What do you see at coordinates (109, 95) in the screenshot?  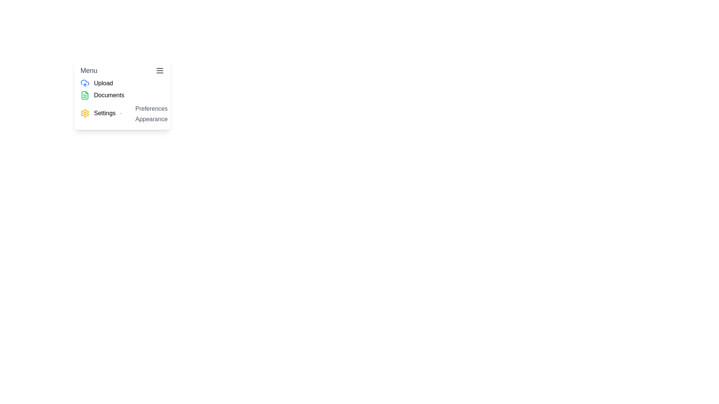 I see `the 'Documents' text label in the vertical menu` at bounding box center [109, 95].